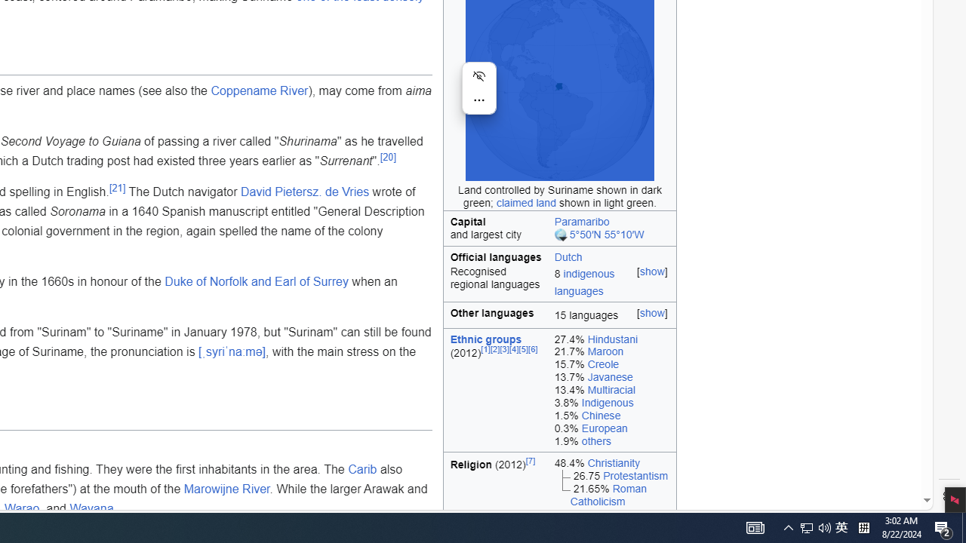 The image size is (966, 543). I want to click on 'claimed land', so click(526, 201).